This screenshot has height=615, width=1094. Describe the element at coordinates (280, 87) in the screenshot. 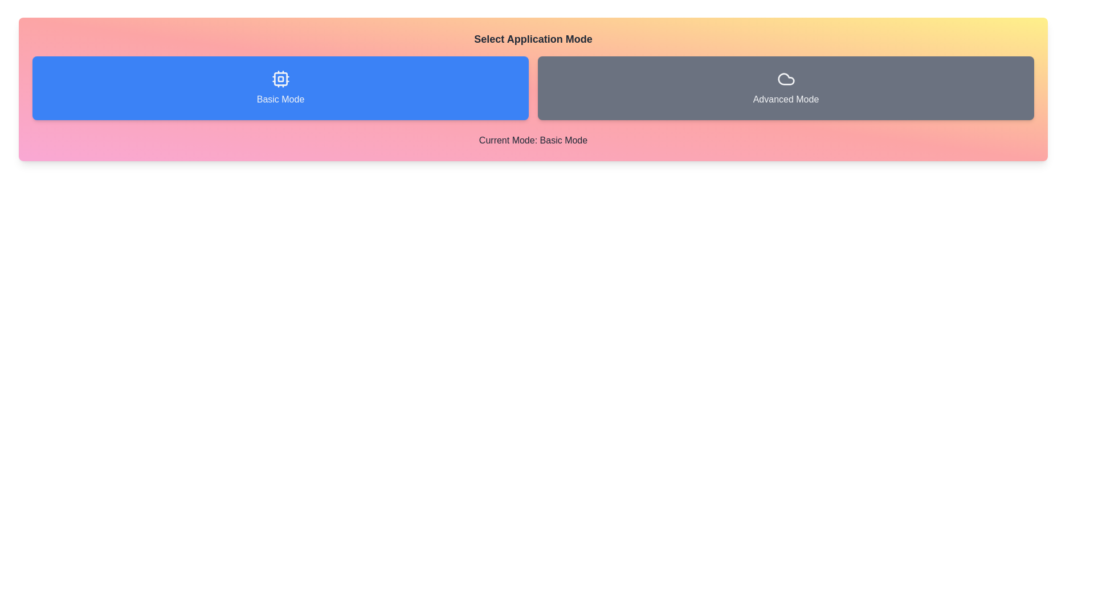

I see `the button corresponding to Basic Mode mode` at that location.